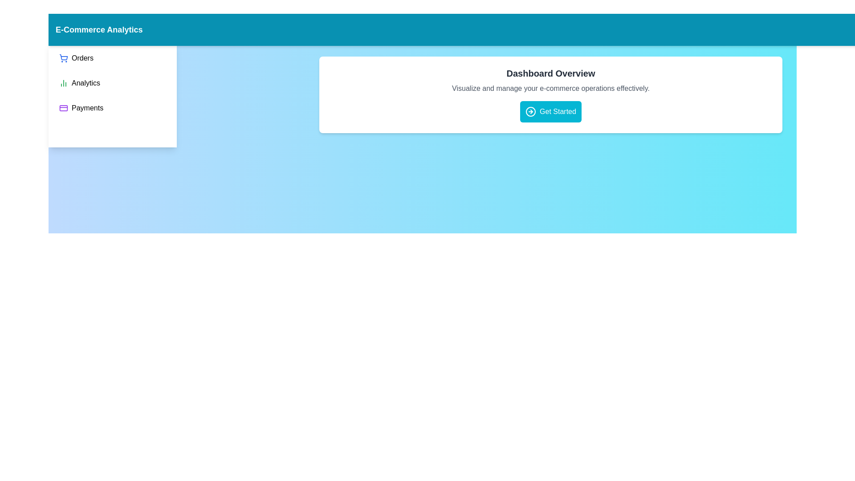 This screenshot has width=855, height=481. I want to click on the Navigation Button for the 'Analytics' section, located in the sidebar below the 'Orders' button and above the 'Payments' button, to trigger hover effects, so click(79, 83).